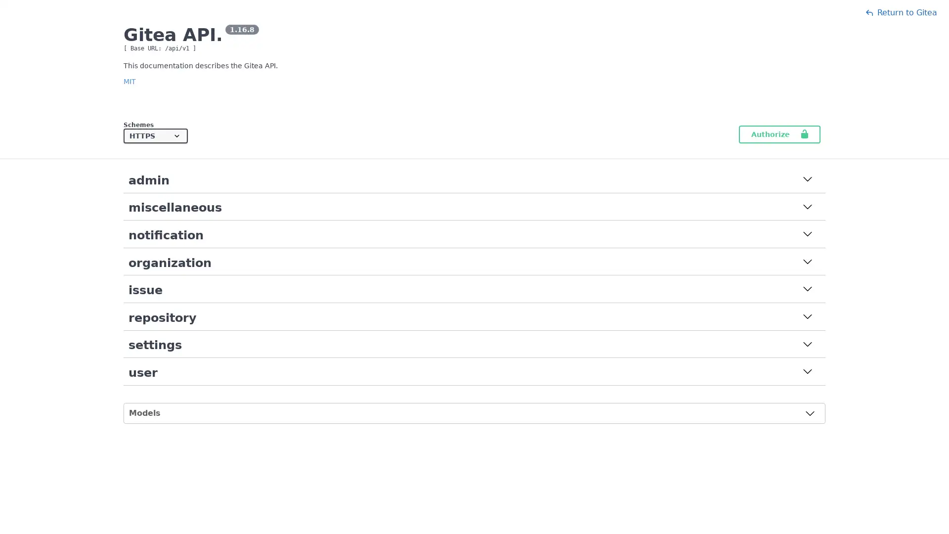  Describe the element at coordinates (807, 372) in the screenshot. I see `Expand operation` at that location.